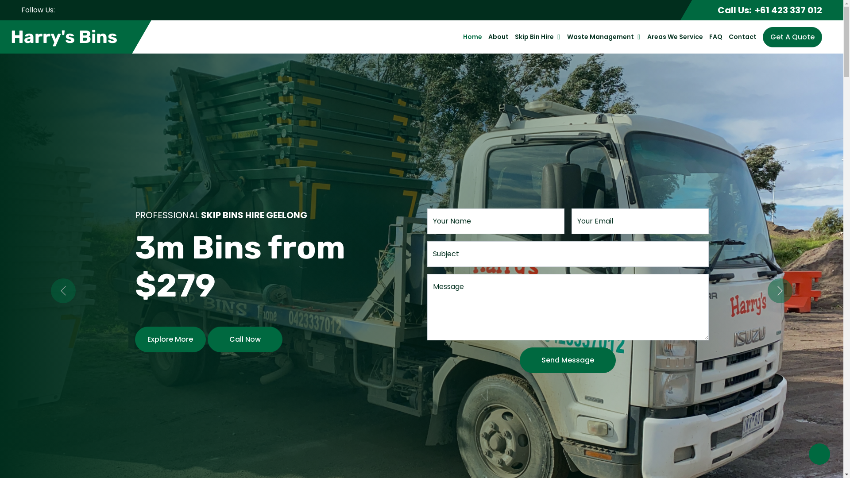  I want to click on 'Harry's Bins', so click(65, 36).